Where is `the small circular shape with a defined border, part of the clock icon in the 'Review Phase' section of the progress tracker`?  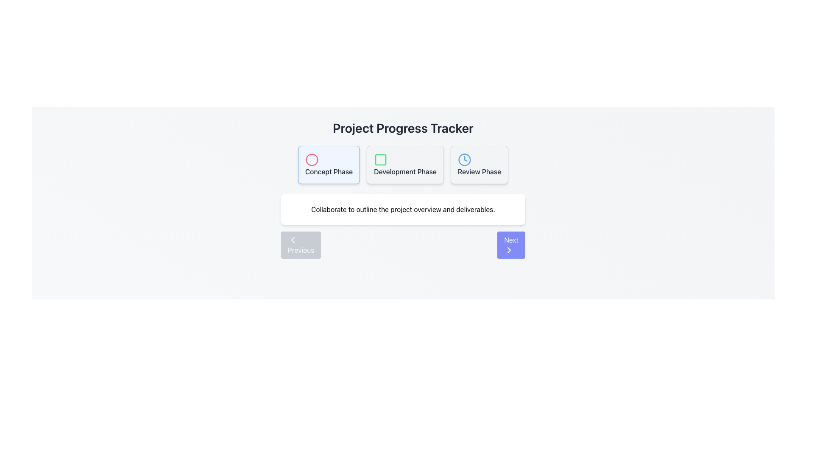 the small circular shape with a defined border, part of the clock icon in the 'Review Phase' section of the progress tracker is located at coordinates (464, 160).